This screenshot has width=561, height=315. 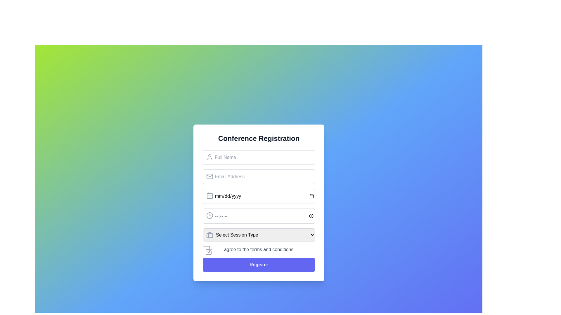 I want to click on the text label that informs the user about agreeing to the terms and conditions, located below the dropdown menu for 'Select Session Type' and to the right of the 'agreement' checkbox, so click(x=257, y=249).